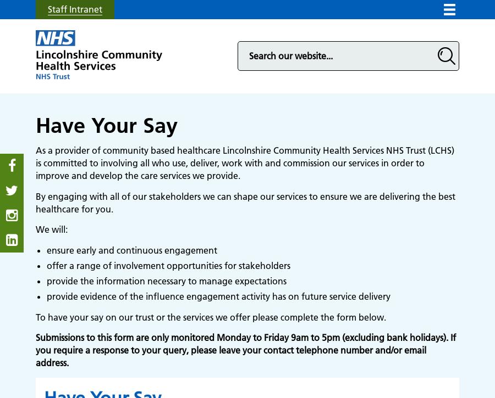  I want to click on 'As a provider of community based healthcare Lincolnshire Community Health Services NHS Trust (LCHS) is committed to involving all who use, deliver, work with and commission our services in order to improve and develop the care services we provide.', so click(245, 162).